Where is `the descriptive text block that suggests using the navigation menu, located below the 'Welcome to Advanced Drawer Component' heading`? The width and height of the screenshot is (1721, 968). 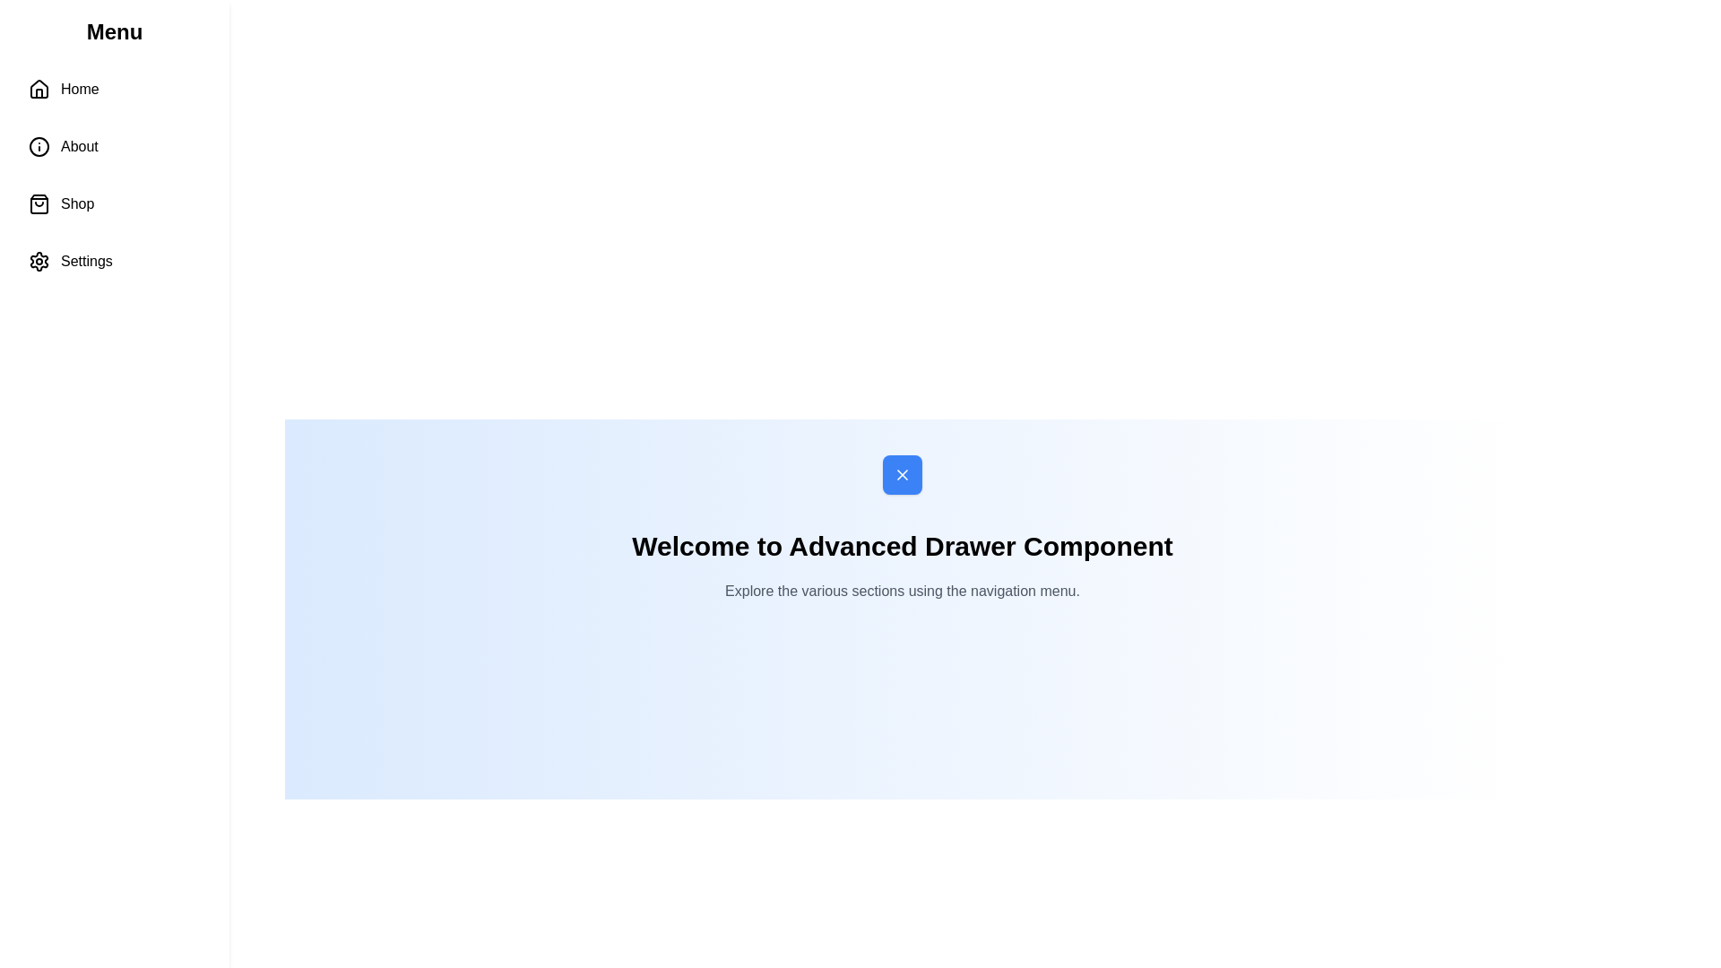 the descriptive text block that suggests using the navigation menu, located below the 'Welcome to Advanced Drawer Component' heading is located at coordinates (903, 591).